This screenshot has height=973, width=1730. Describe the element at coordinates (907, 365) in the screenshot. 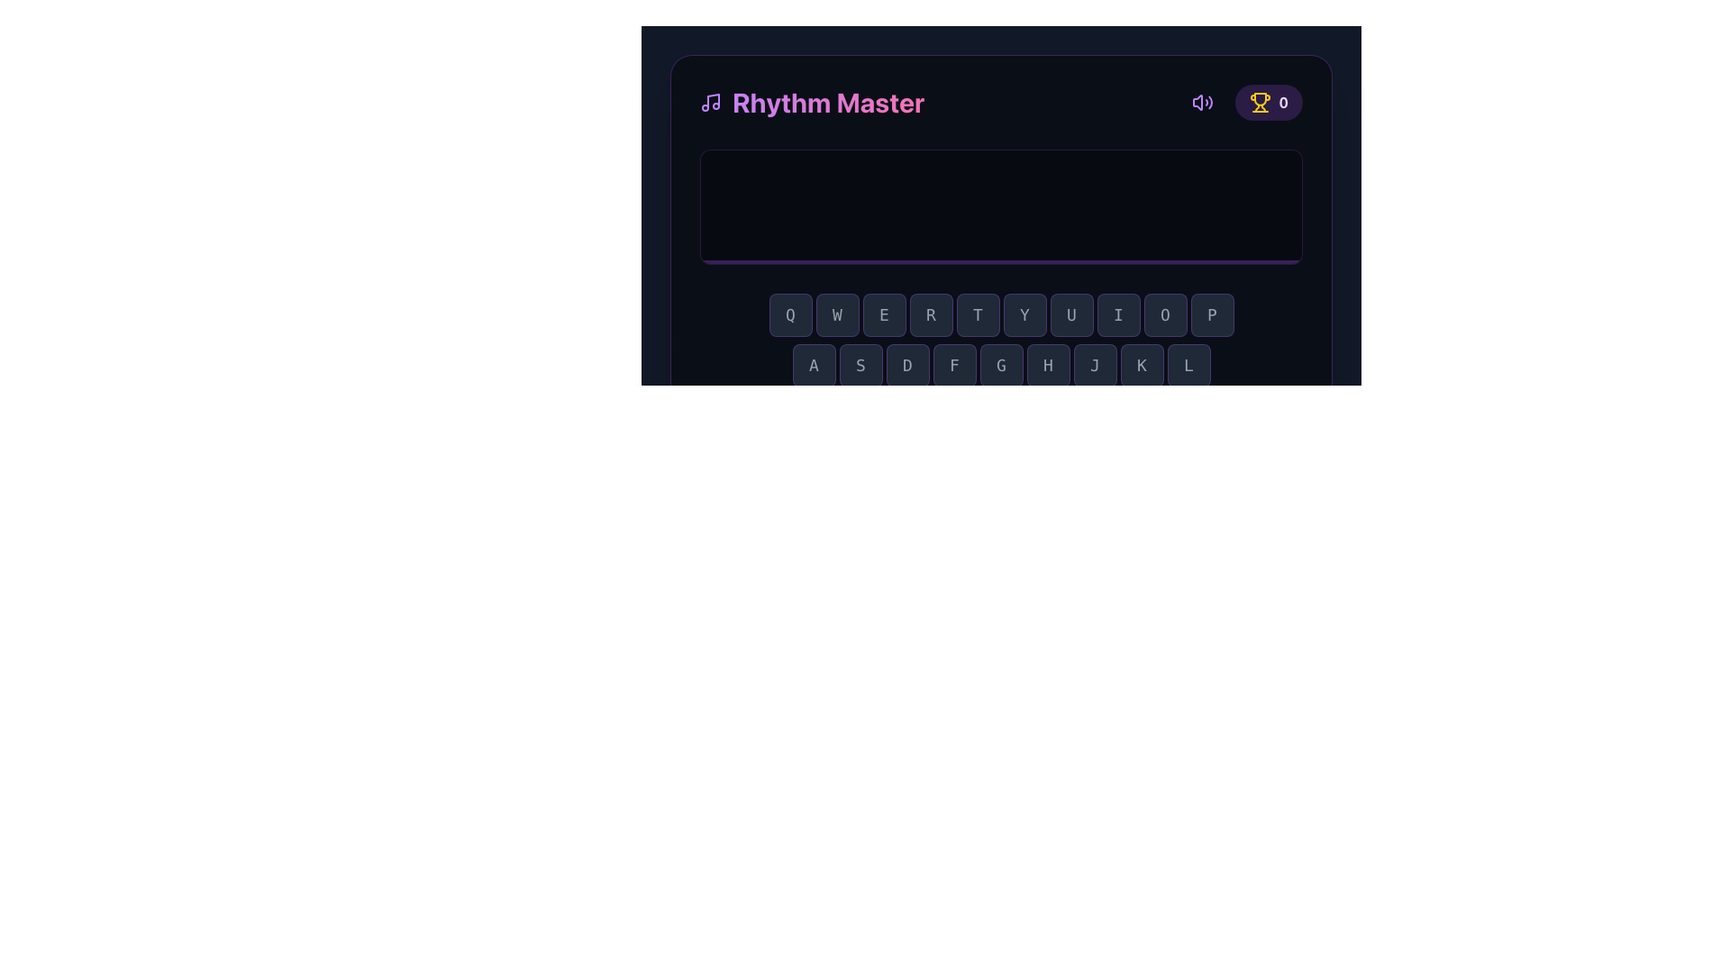

I see `the letter key button labeled 'D', which is the third button in a horizontal row of keys, positioned between 'S' and 'F', located at the bottom-center of the interface` at that location.